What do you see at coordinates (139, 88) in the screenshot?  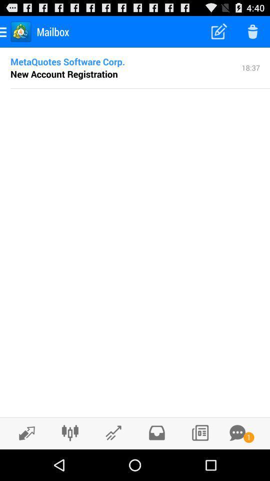 I see `icon at the top` at bounding box center [139, 88].